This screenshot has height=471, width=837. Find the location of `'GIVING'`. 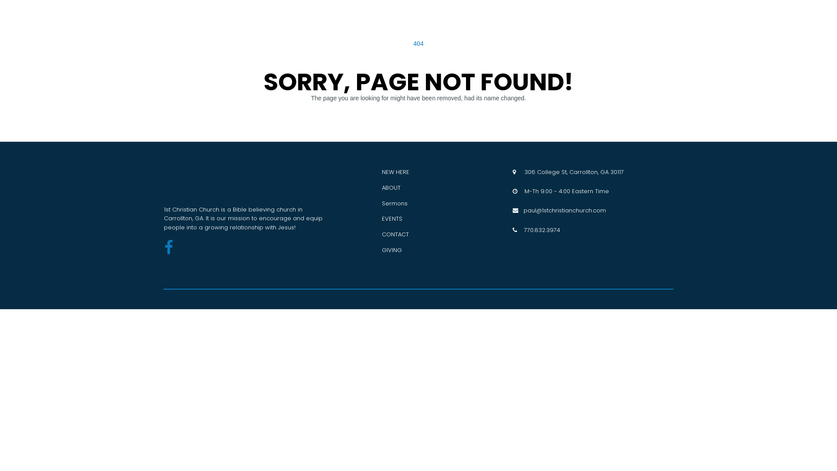

'GIVING' is located at coordinates (391, 250).